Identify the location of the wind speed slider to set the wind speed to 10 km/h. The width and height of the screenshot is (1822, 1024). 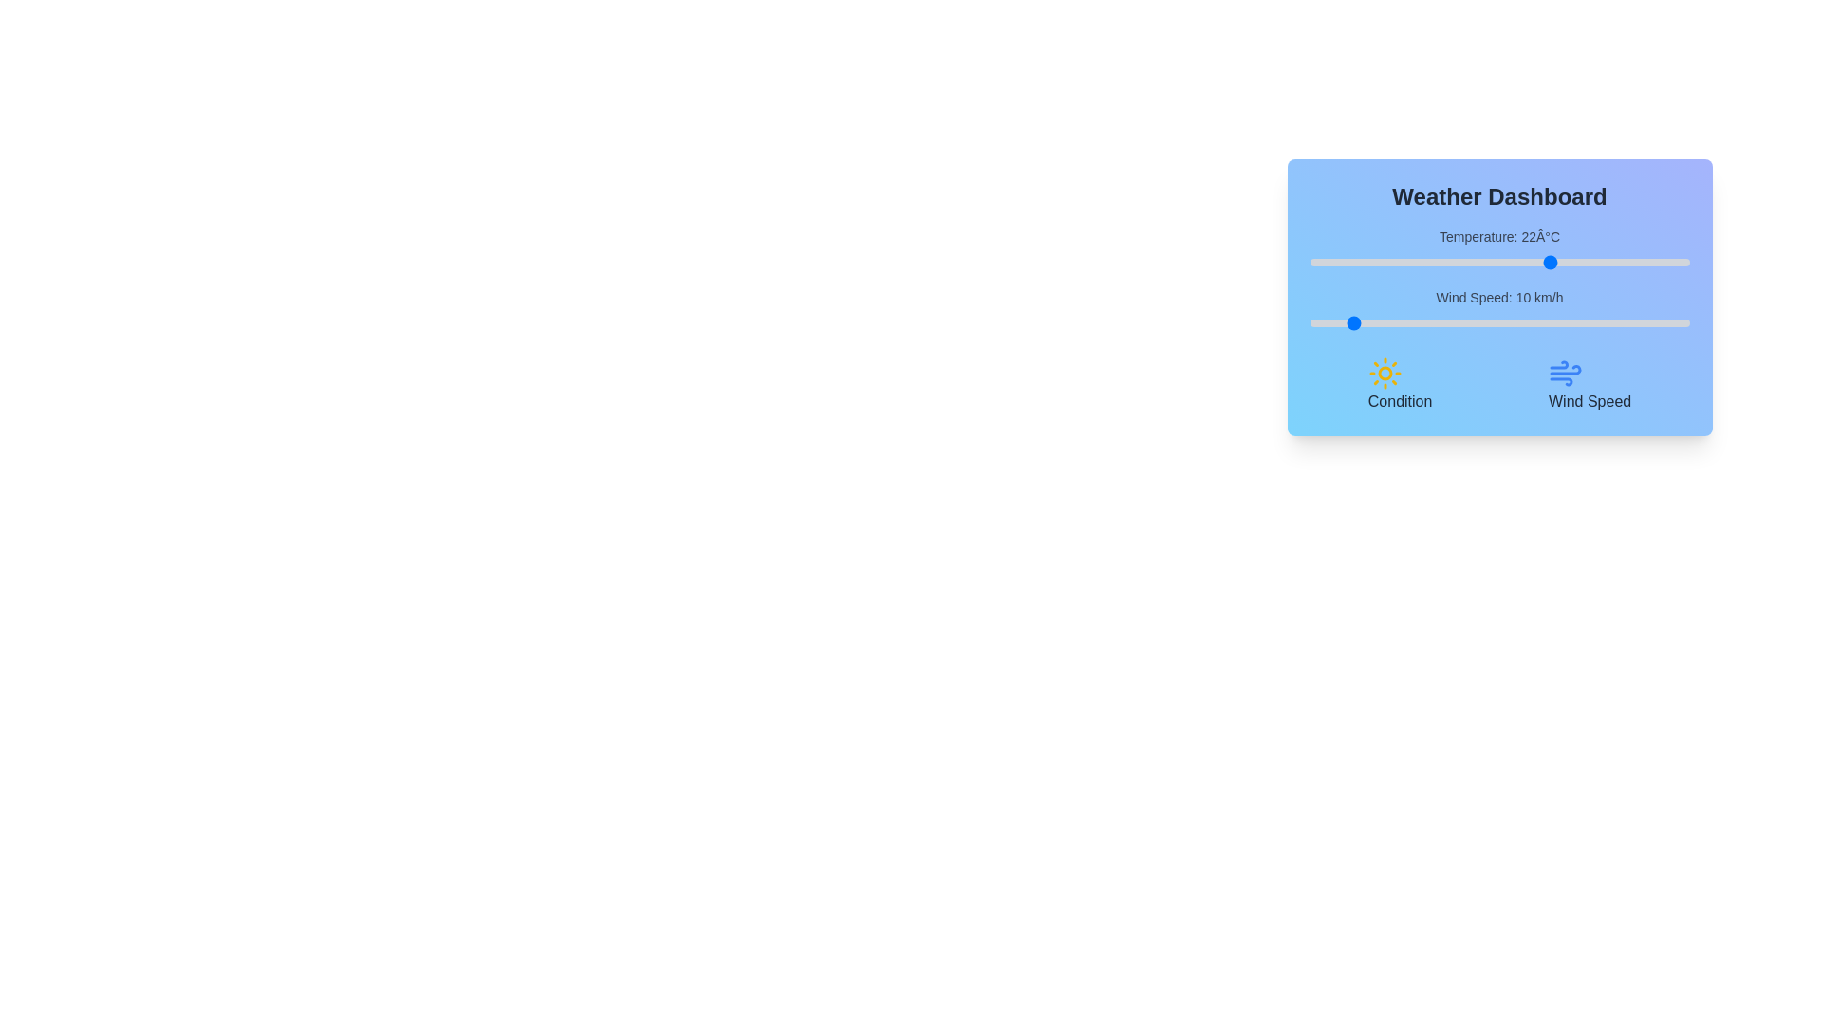
(1347, 321).